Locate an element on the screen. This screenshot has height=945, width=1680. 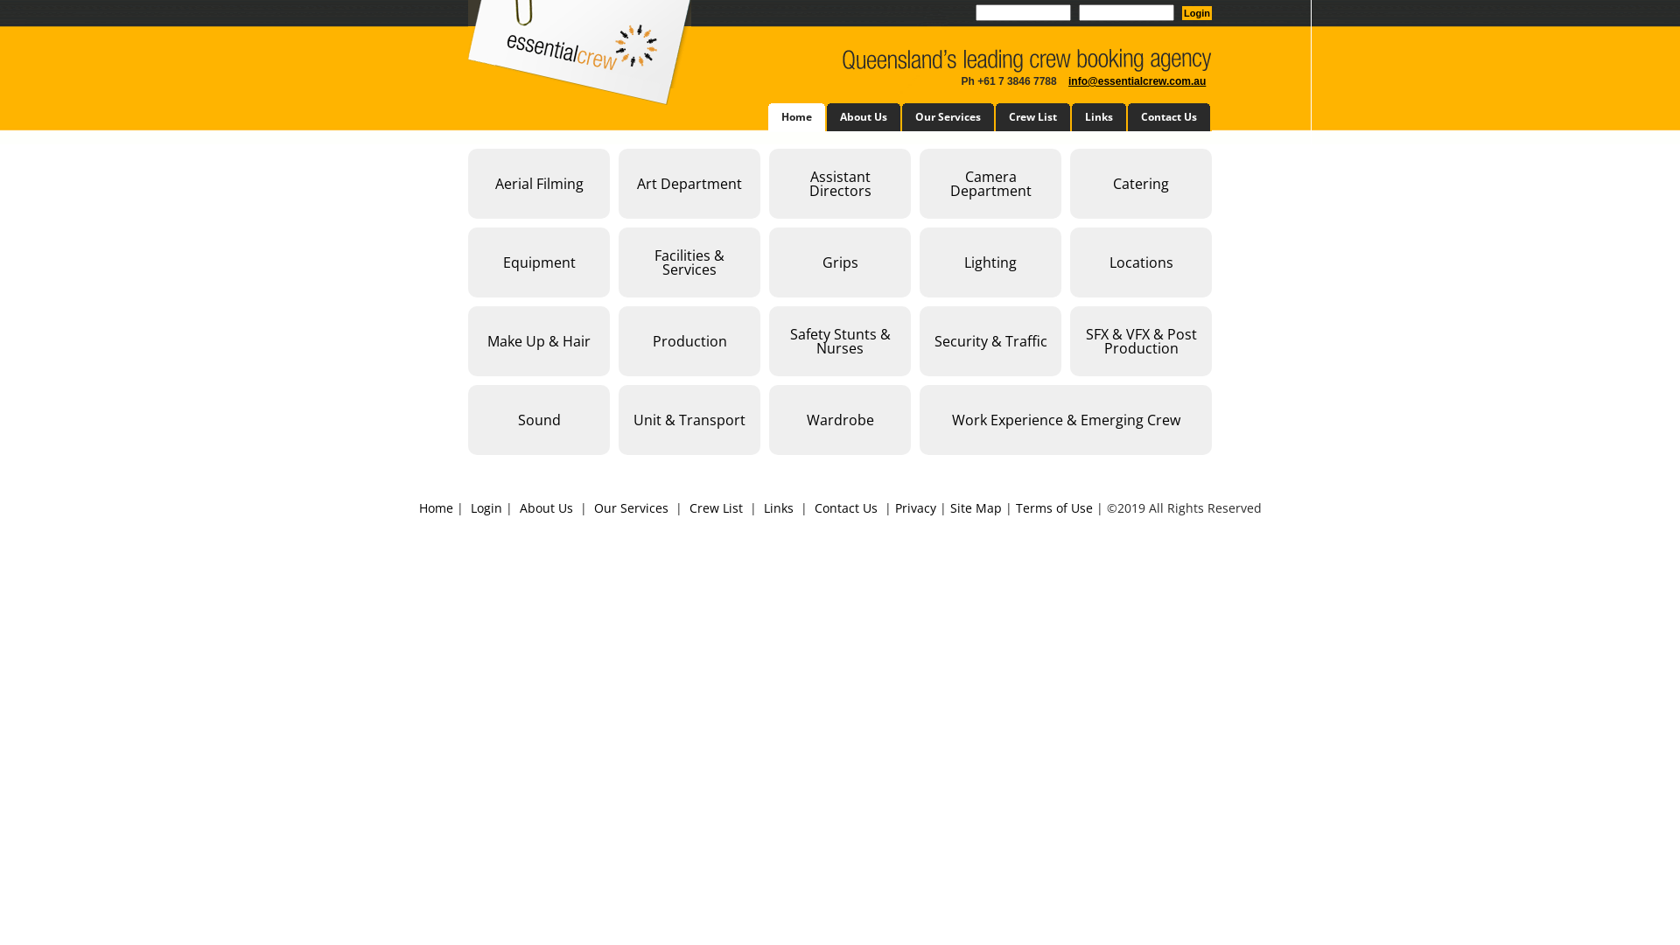
'Sound' is located at coordinates (537, 419).